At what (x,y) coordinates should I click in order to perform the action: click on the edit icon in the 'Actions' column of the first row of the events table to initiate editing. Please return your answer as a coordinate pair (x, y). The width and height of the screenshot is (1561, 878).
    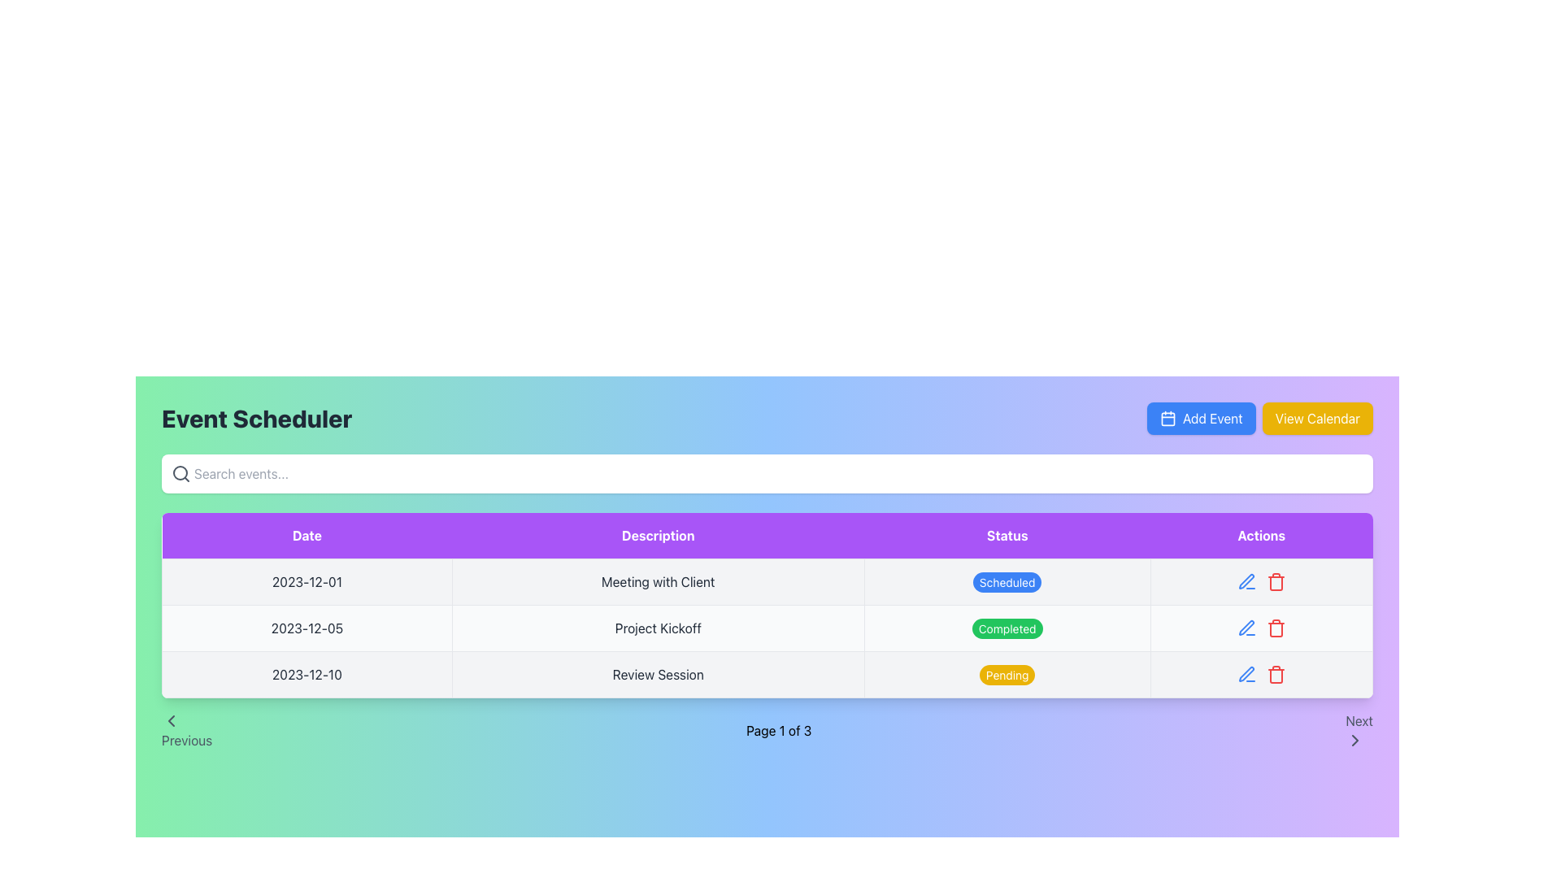
    Looking at the image, I should click on (1260, 581).